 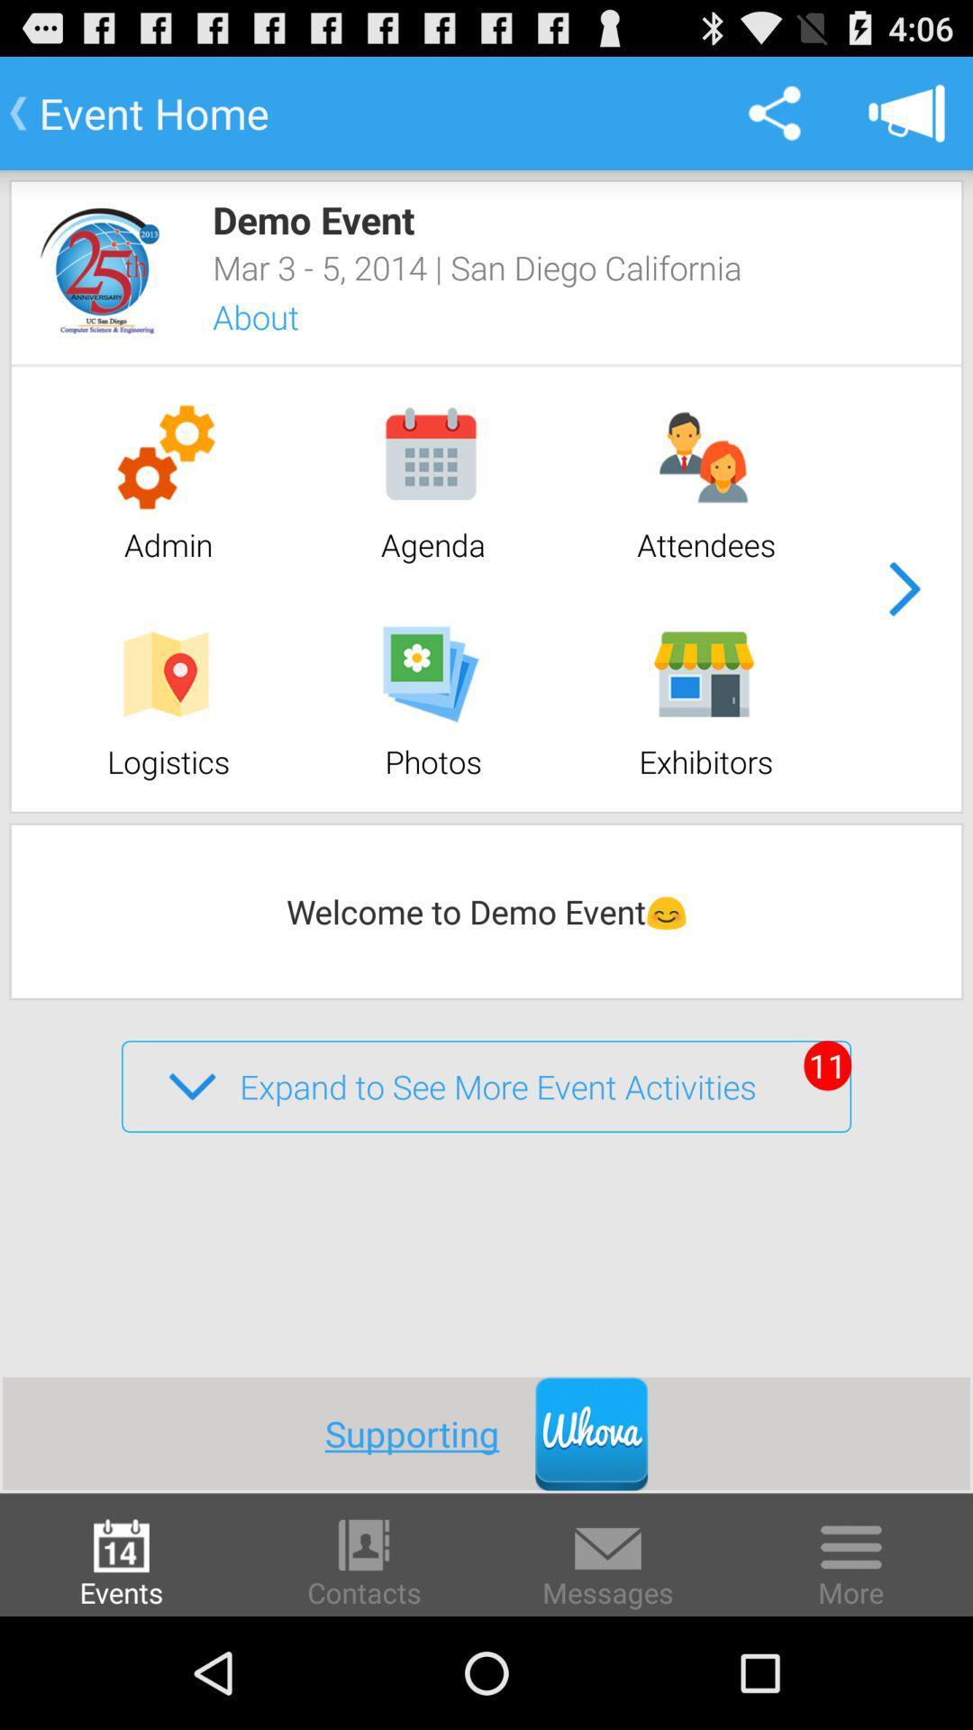 I want to click on app below expand to see icon, so click(x=430, y=1433).